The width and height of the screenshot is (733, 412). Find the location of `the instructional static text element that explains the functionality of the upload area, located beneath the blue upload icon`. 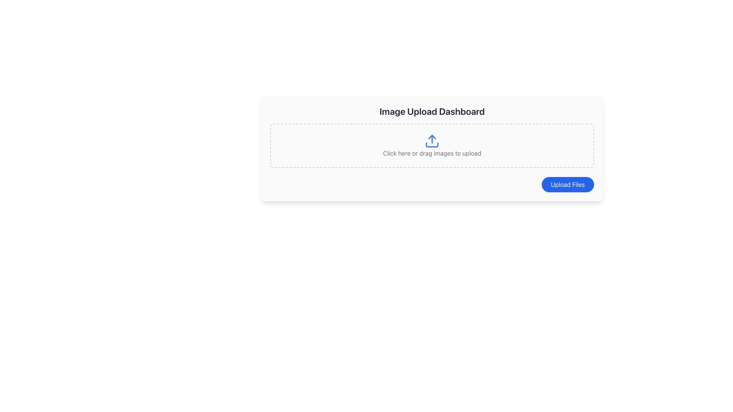

the instructional static text element that explains the functionality of the upload area, located beneath the blue upload icon is located at coordinates (432, 153).